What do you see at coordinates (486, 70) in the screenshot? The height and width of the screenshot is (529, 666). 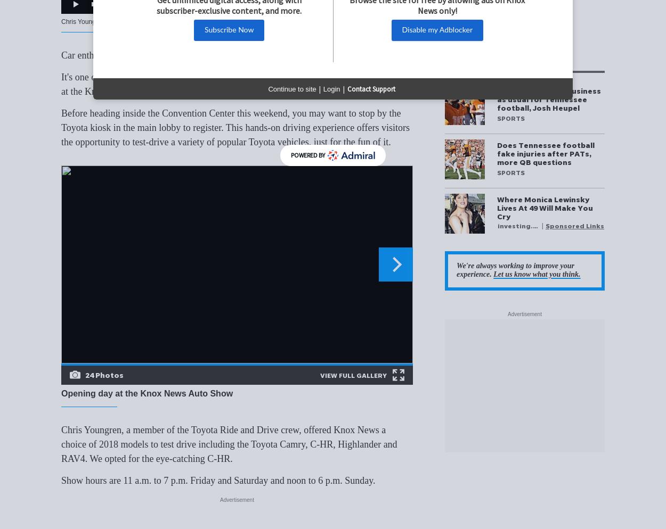 I see `'More Stories'` at bounding box center [486, 70].